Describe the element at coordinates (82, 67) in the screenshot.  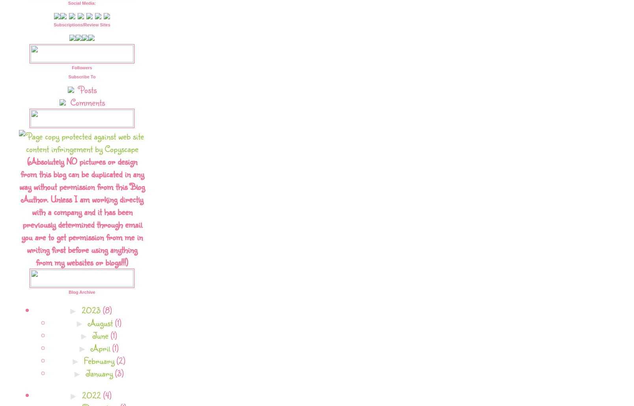
I see `'Followers'` at that location.